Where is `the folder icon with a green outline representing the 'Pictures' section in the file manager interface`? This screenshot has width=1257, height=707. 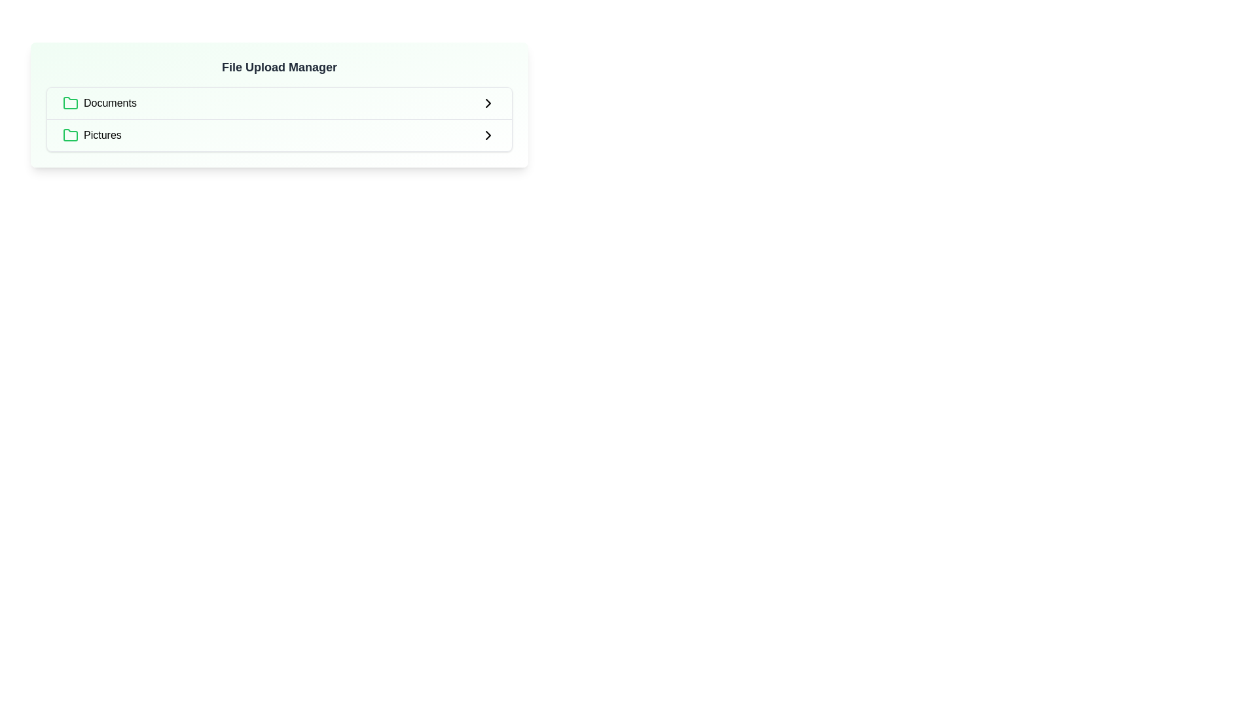
the folder icon with a green outline representing the 'Pictures' section in the file manager interface is located at coordinates (70, 136).